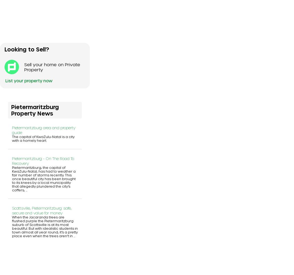  Describe the element at coordinates (27, 49) in the screenshot. I see `'Looking to Sell?'` at that location.